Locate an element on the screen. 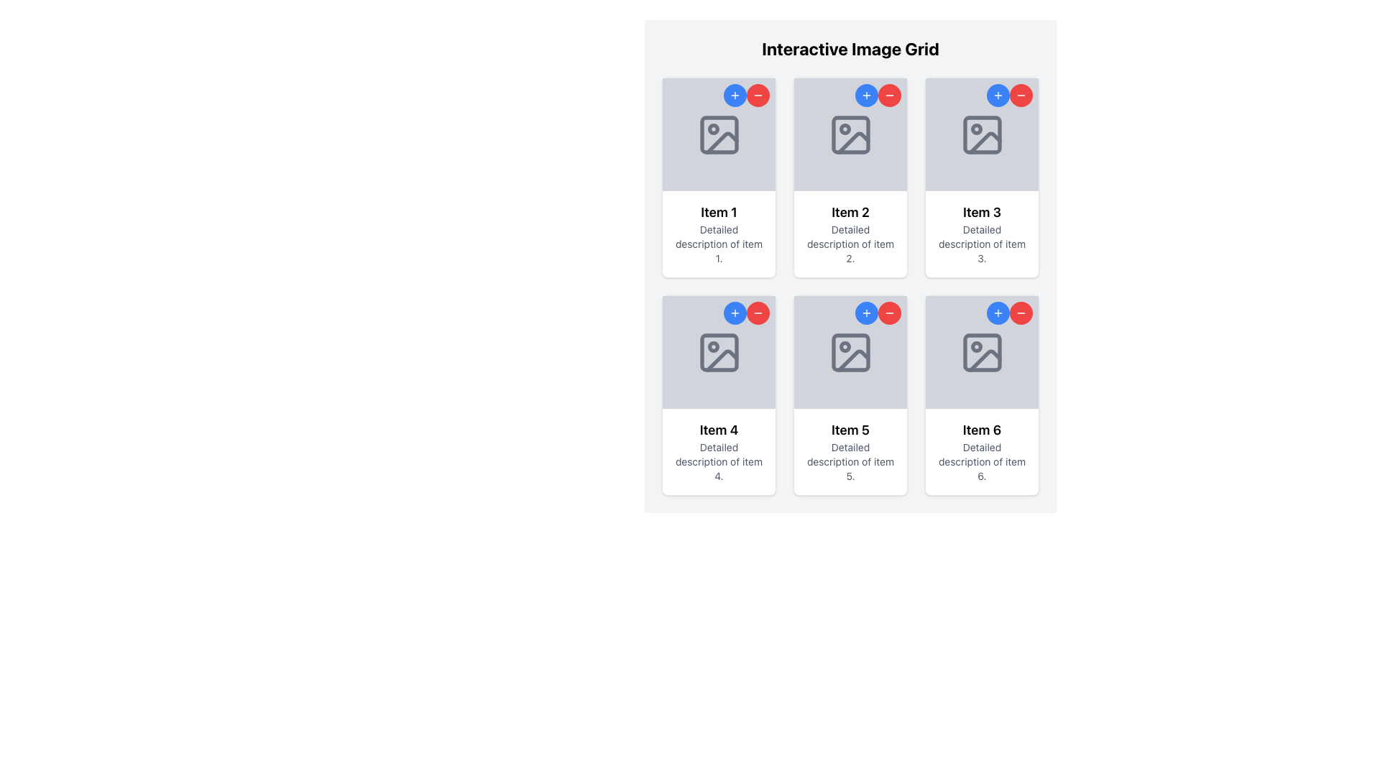 The image size is (1380, 776). the small rectangular background shape with rounded corners in the SVG icon located in the center of the card labeled 'Item 5' is located at coordinates (850, 352).